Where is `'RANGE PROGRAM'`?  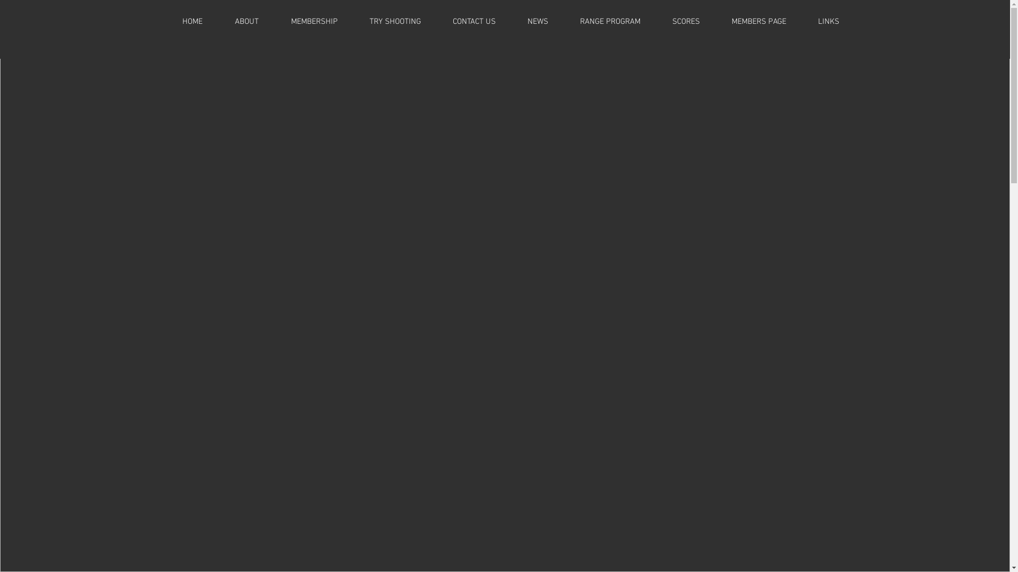
'RANGE PROGRAM' is located at coordinates (610, 22).